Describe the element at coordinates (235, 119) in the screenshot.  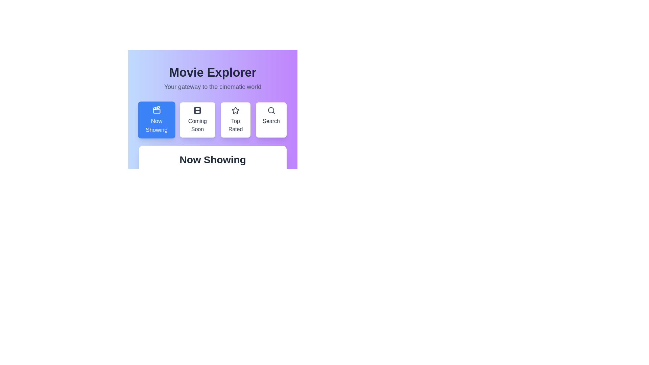
I see `the tab labeled Top Rated` at that location.